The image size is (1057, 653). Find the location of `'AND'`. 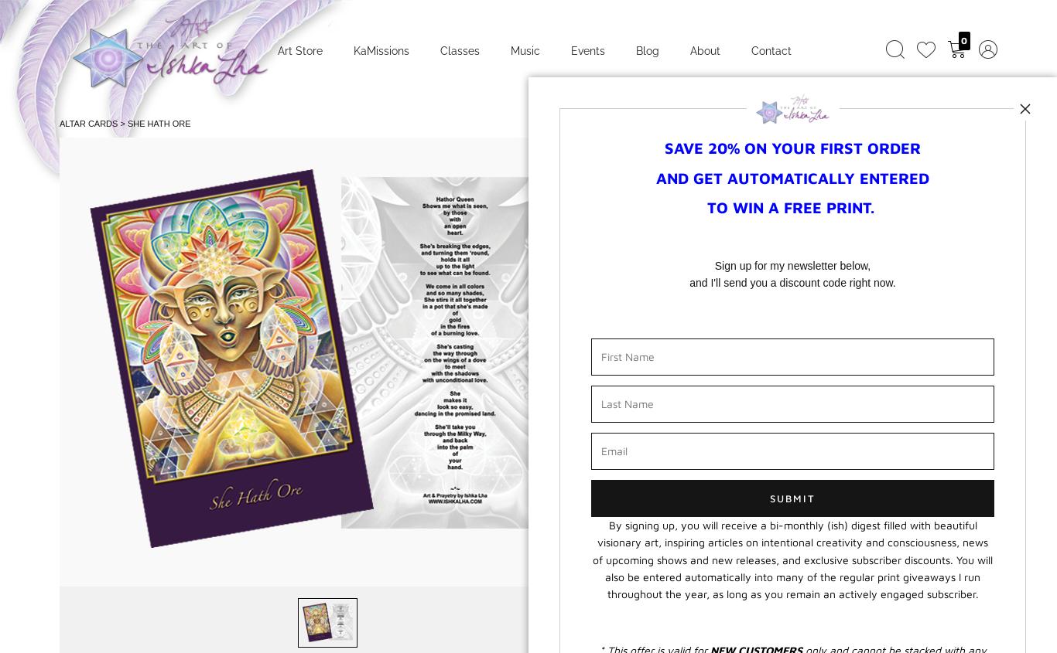

'AND' is located at coordinates (674, 176).